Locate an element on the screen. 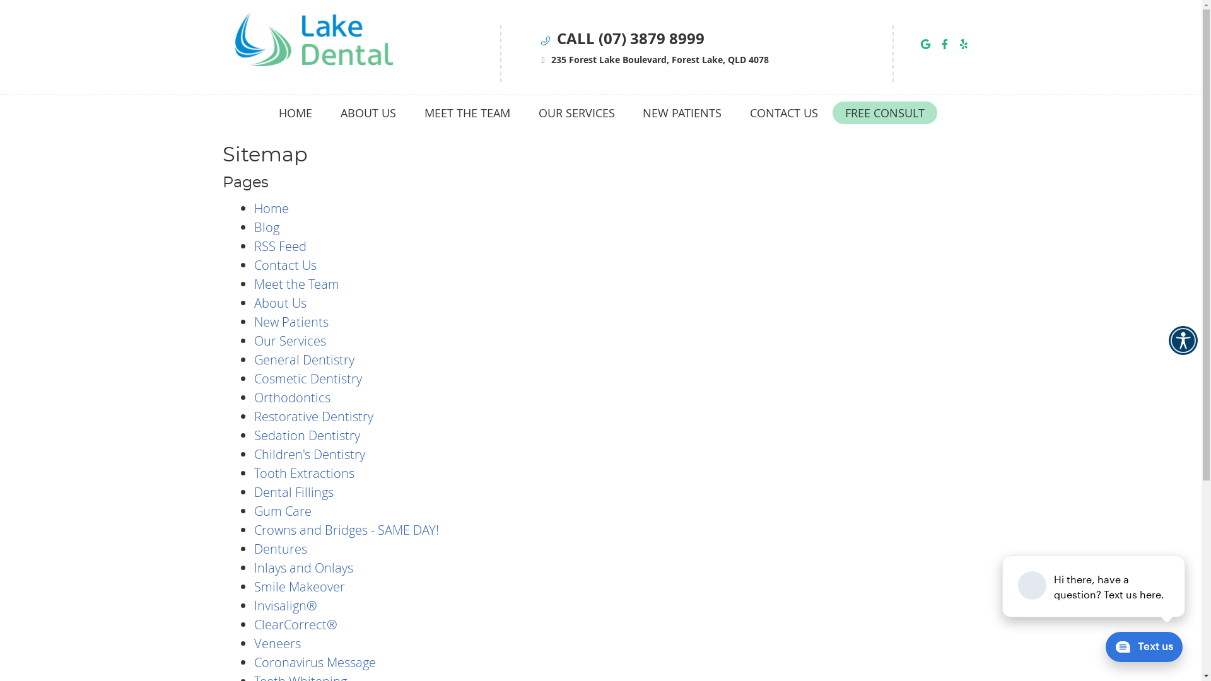 Image resolution: width=1211 pixels, height=681 pixels. 'Contact Us' is located at coordinates (284, 264).